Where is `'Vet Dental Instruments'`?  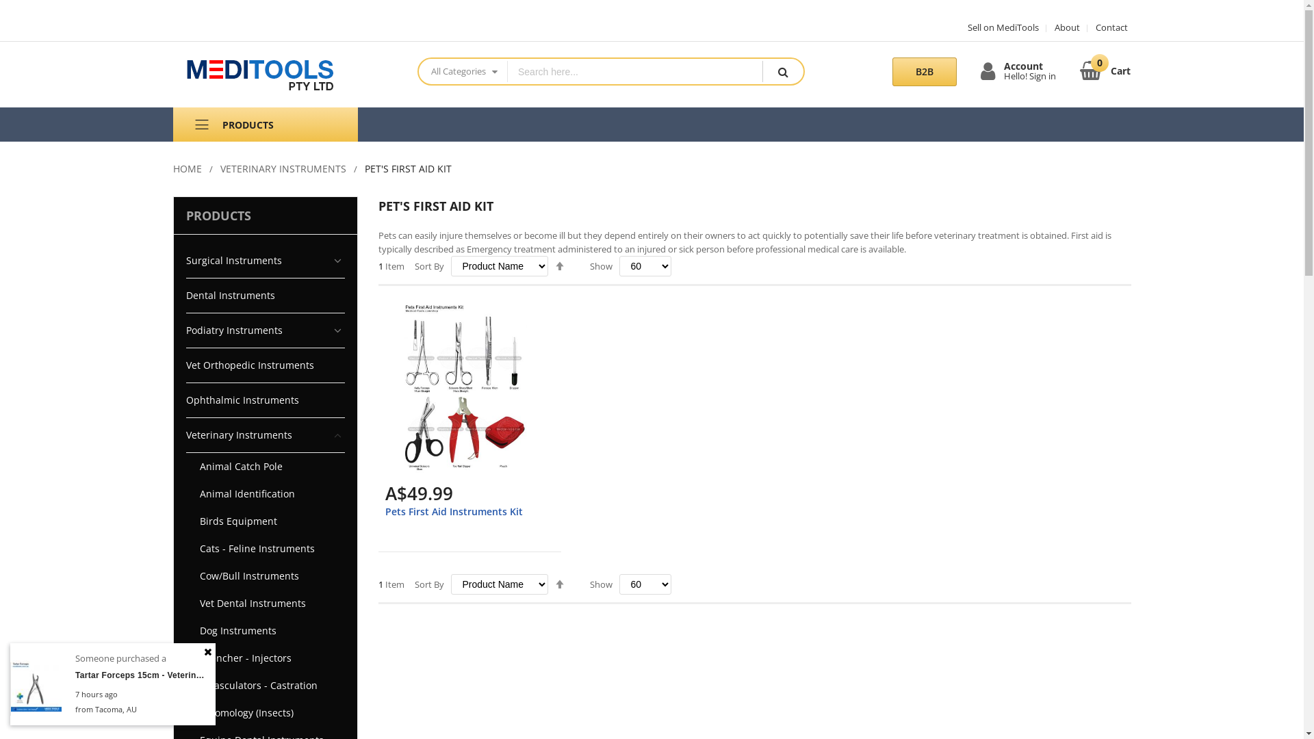 'Vet Dental Instruments' is located at coordinates (266, 603).